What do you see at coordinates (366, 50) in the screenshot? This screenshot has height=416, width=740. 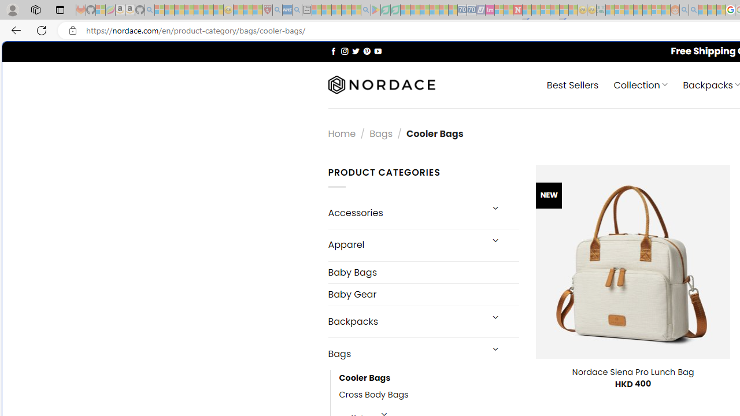 I see `'Follow on Pinterest'` at bounding box center [366, 50].